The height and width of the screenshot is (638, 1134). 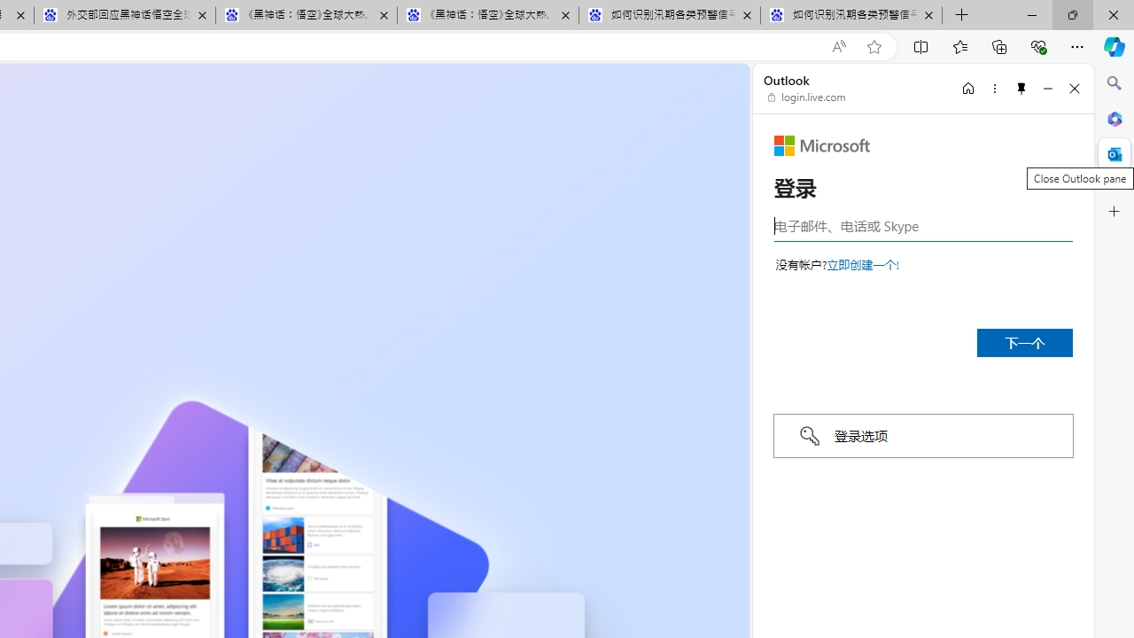 What do you see at coordinates (821, 144) in the screenshot?
I see `'Microsoft'` at bounding box center [821, 144].